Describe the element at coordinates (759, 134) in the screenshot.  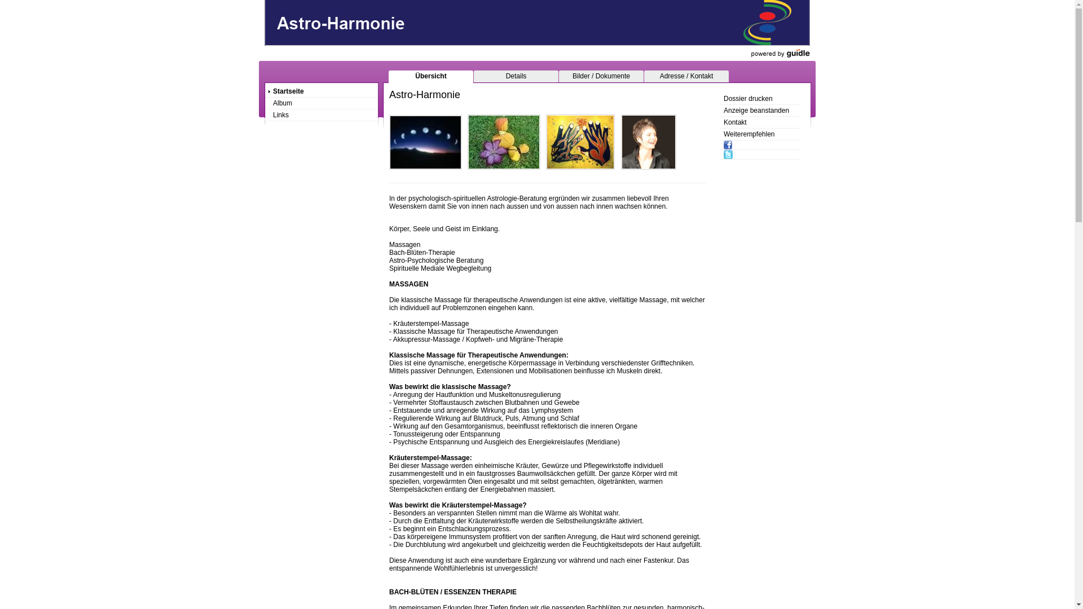
I see `'Weiterempfehlen'` at that location.